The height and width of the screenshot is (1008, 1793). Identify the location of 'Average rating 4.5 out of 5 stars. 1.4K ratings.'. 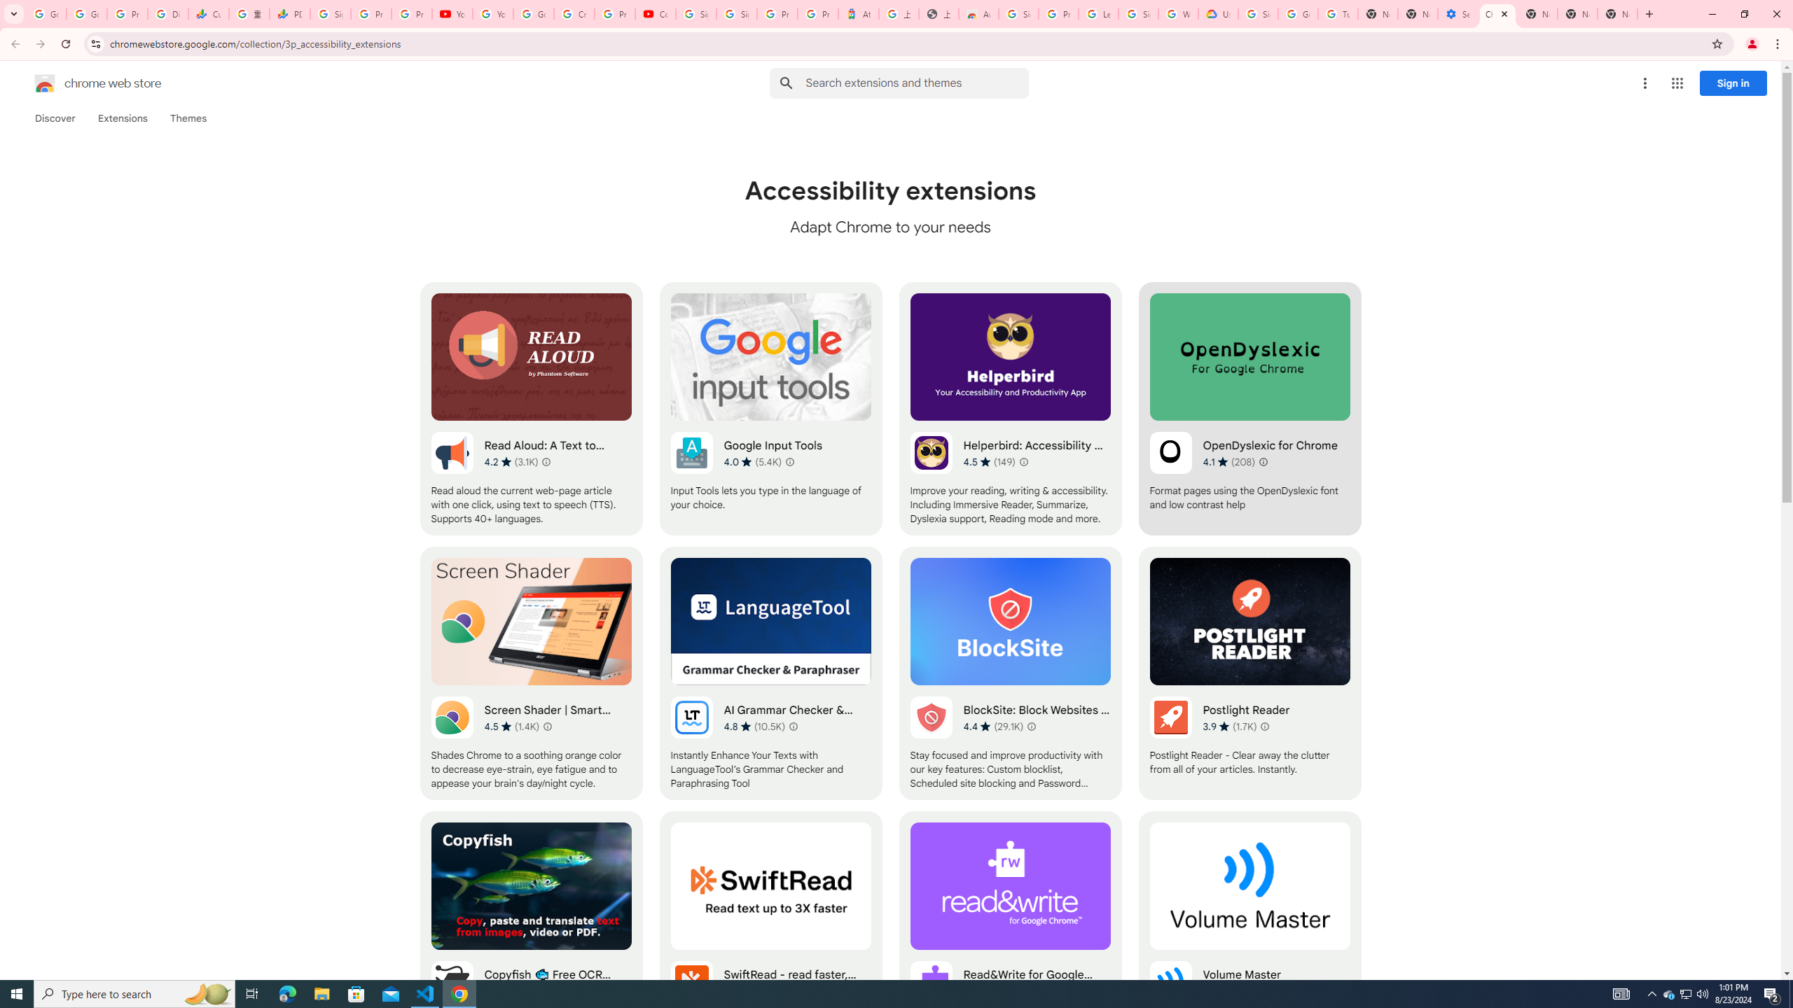
(511, 726).